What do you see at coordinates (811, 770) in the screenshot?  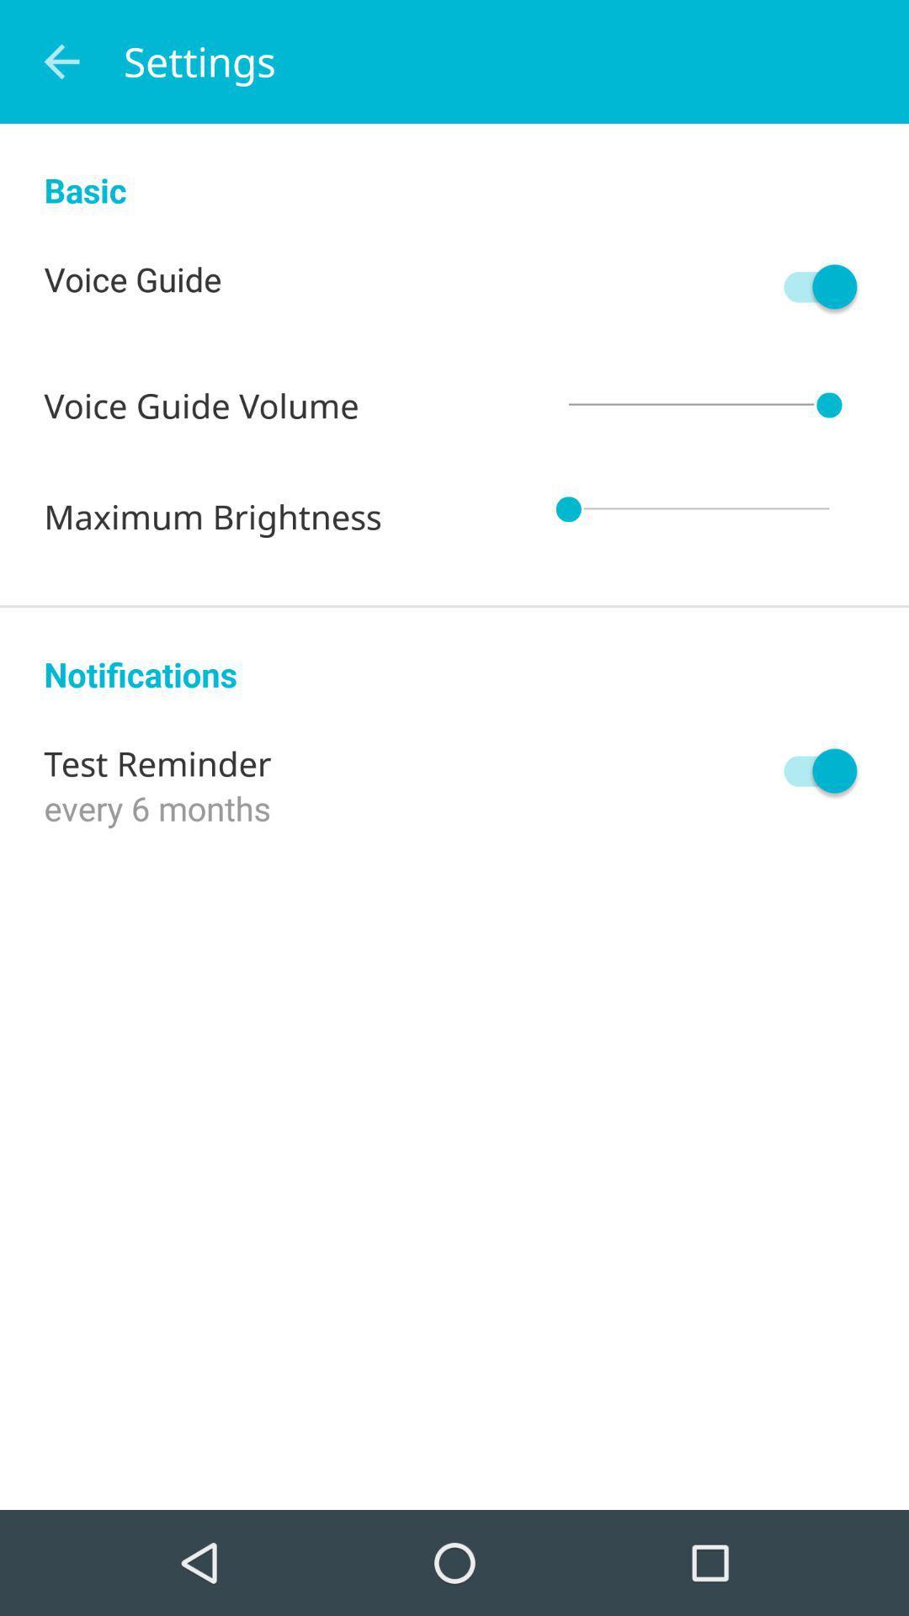 I see `icon to the right of test reminder` at bounding box center [811, 770].